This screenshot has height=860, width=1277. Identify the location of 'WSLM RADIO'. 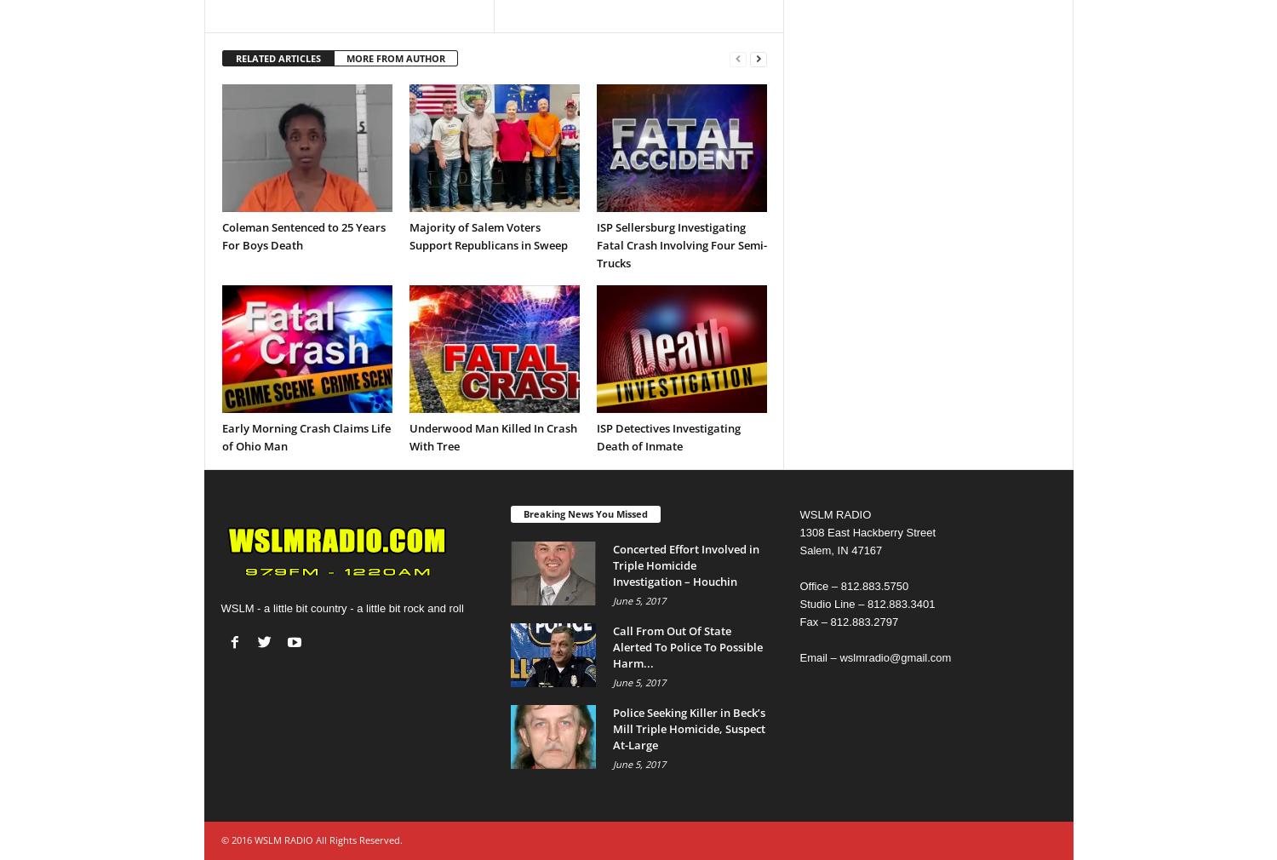
(834, 513).